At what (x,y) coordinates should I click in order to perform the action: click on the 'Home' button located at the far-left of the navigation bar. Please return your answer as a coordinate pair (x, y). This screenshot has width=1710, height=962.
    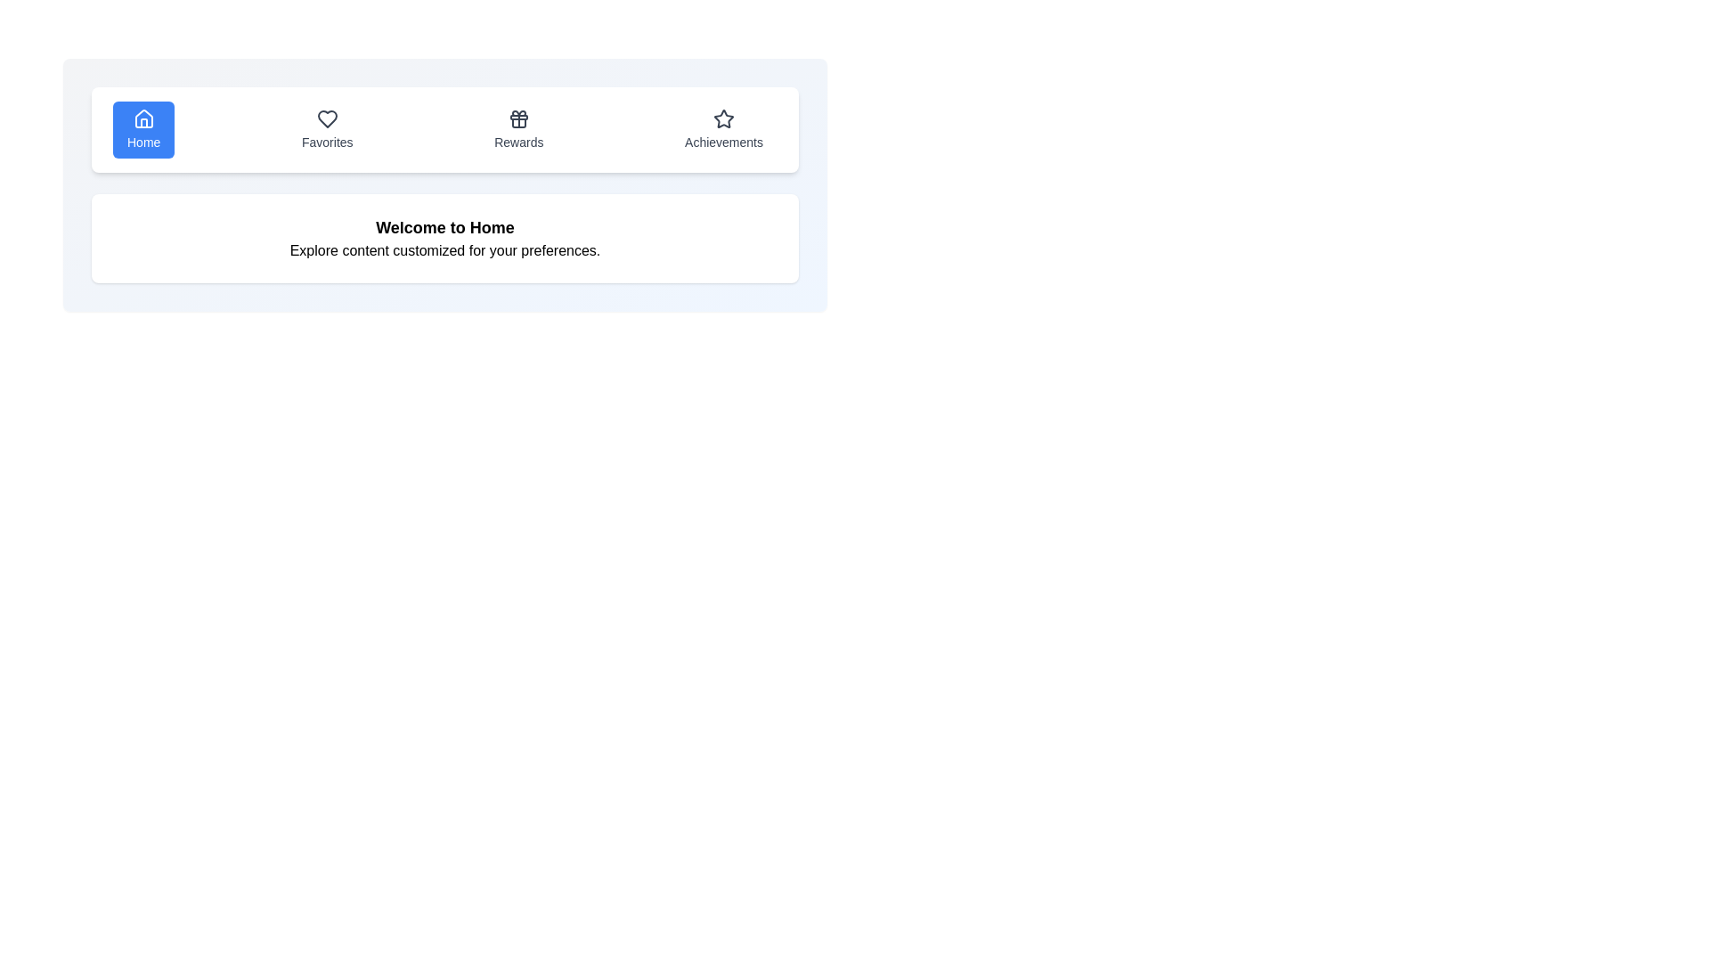
    Looking at the image, I should click on (143, 129).